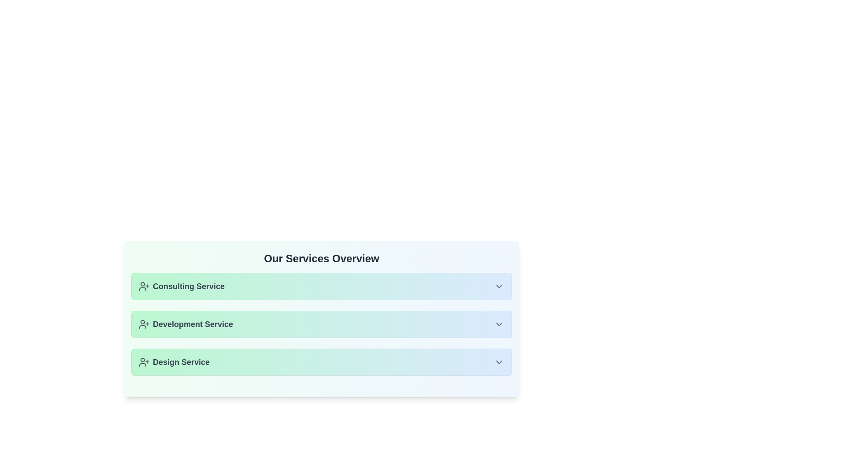 This screenshot has height=476, width=846. I want to click on the 'Design Service' text with icon, so click(174, 362).